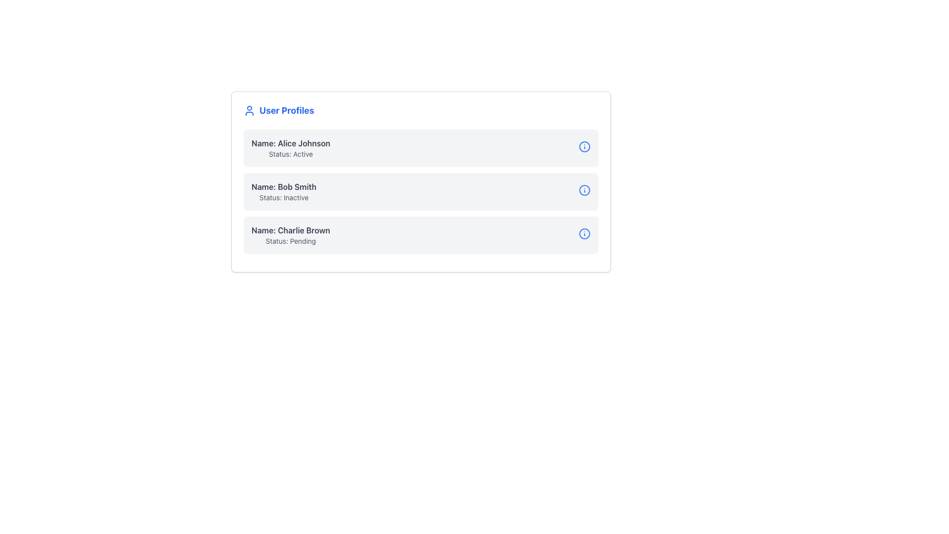  Describe the element at coordinates (584, 192) in the screenshot. I see `the Status Indicator Icon located on the right side of the row for 'Bob Smith, Status: Inactive' to trigger a tooltip with additional details` at that location.